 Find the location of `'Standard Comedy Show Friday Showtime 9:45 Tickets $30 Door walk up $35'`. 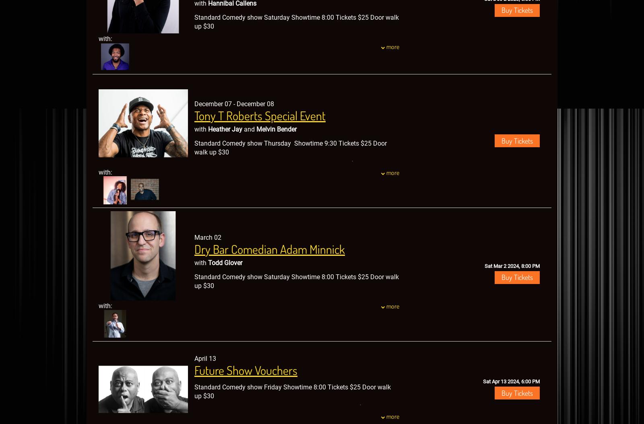

'Standard Comedy Show Friday Showtime 9:45 Tickets $30 Door walk up $35' is located at coordinates (194, 189).